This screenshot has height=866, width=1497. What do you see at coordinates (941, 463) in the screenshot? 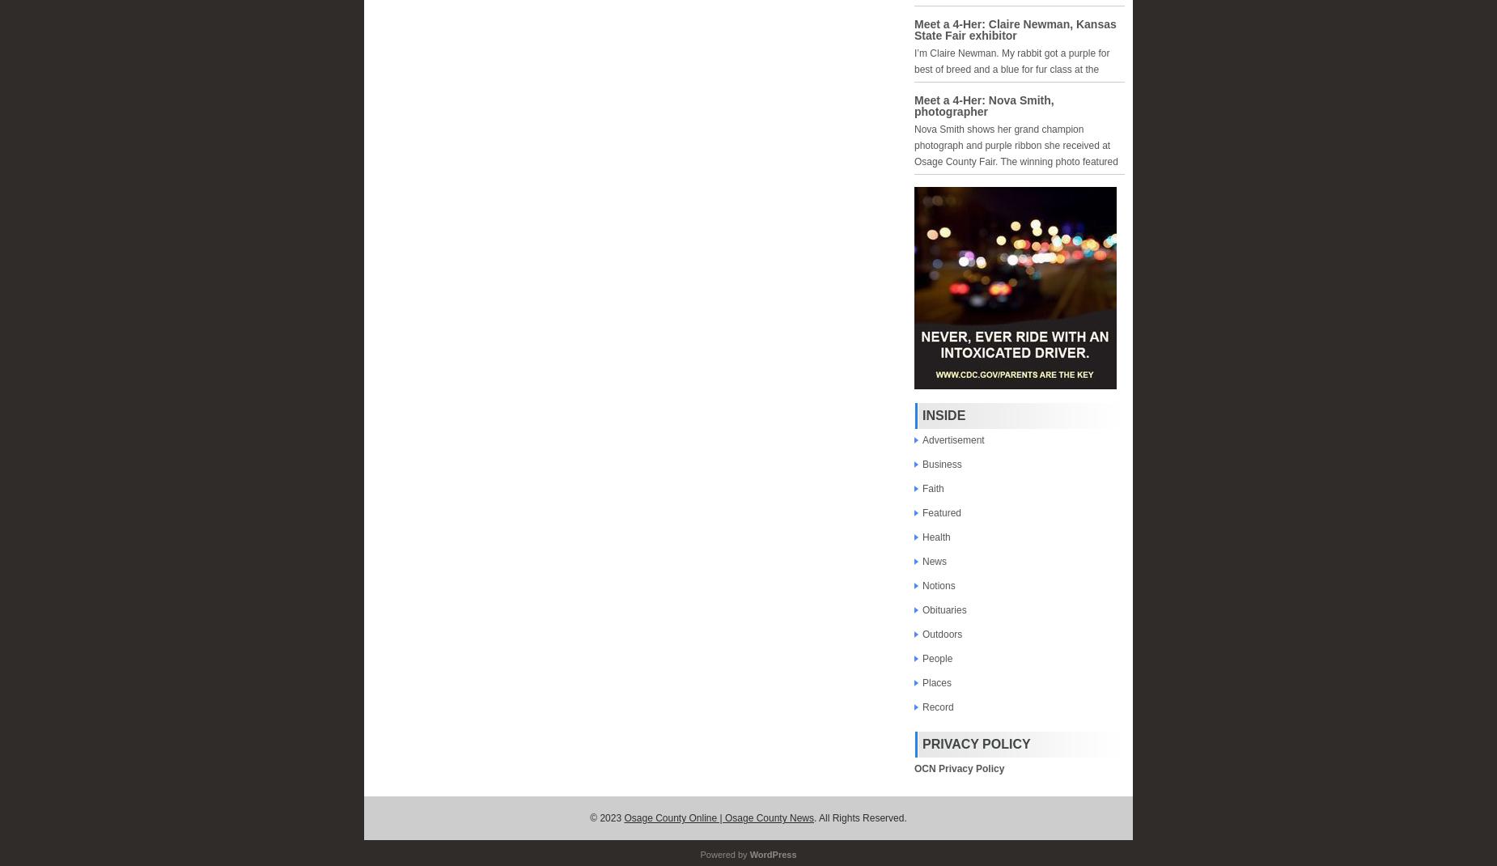
I see `'Business'` at bounding box center [941, 463].